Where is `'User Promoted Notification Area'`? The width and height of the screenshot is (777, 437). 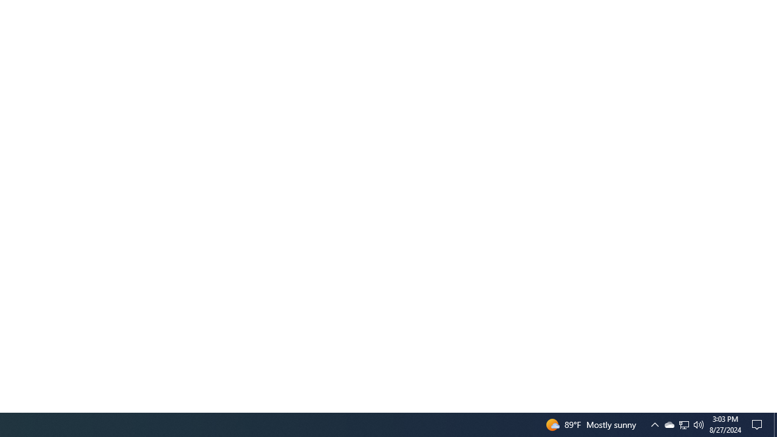
'User Promoted Notification Area' is located at coordinates (699, 424).